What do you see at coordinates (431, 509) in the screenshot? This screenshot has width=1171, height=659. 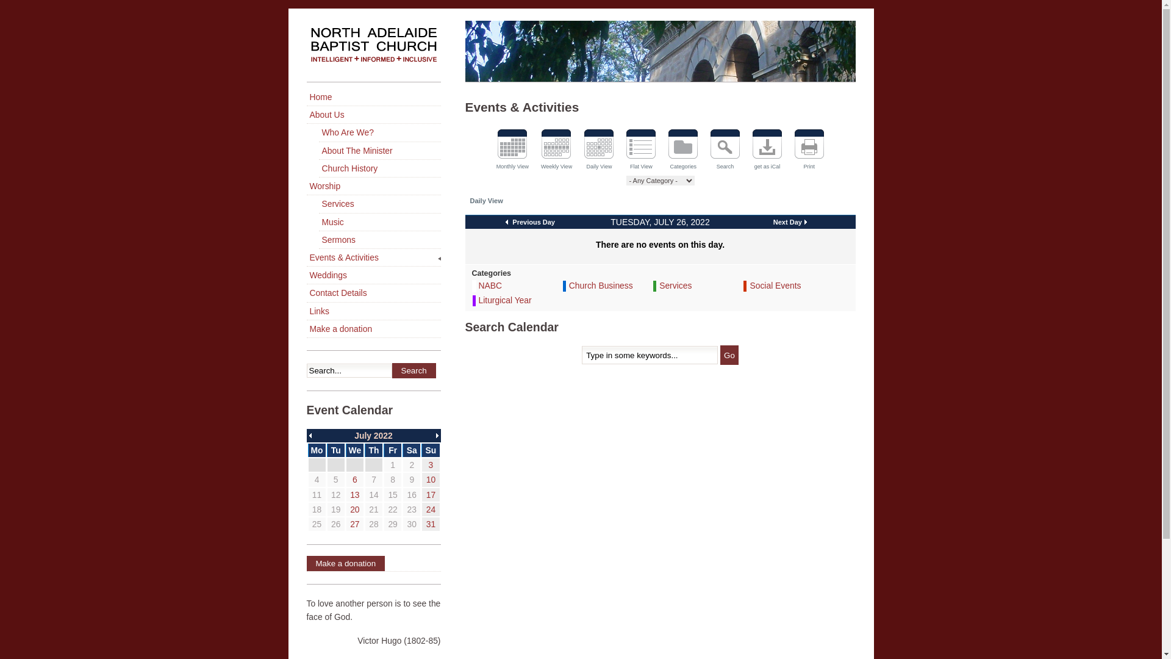 I see `'24'` at bounding box center [431, 509].